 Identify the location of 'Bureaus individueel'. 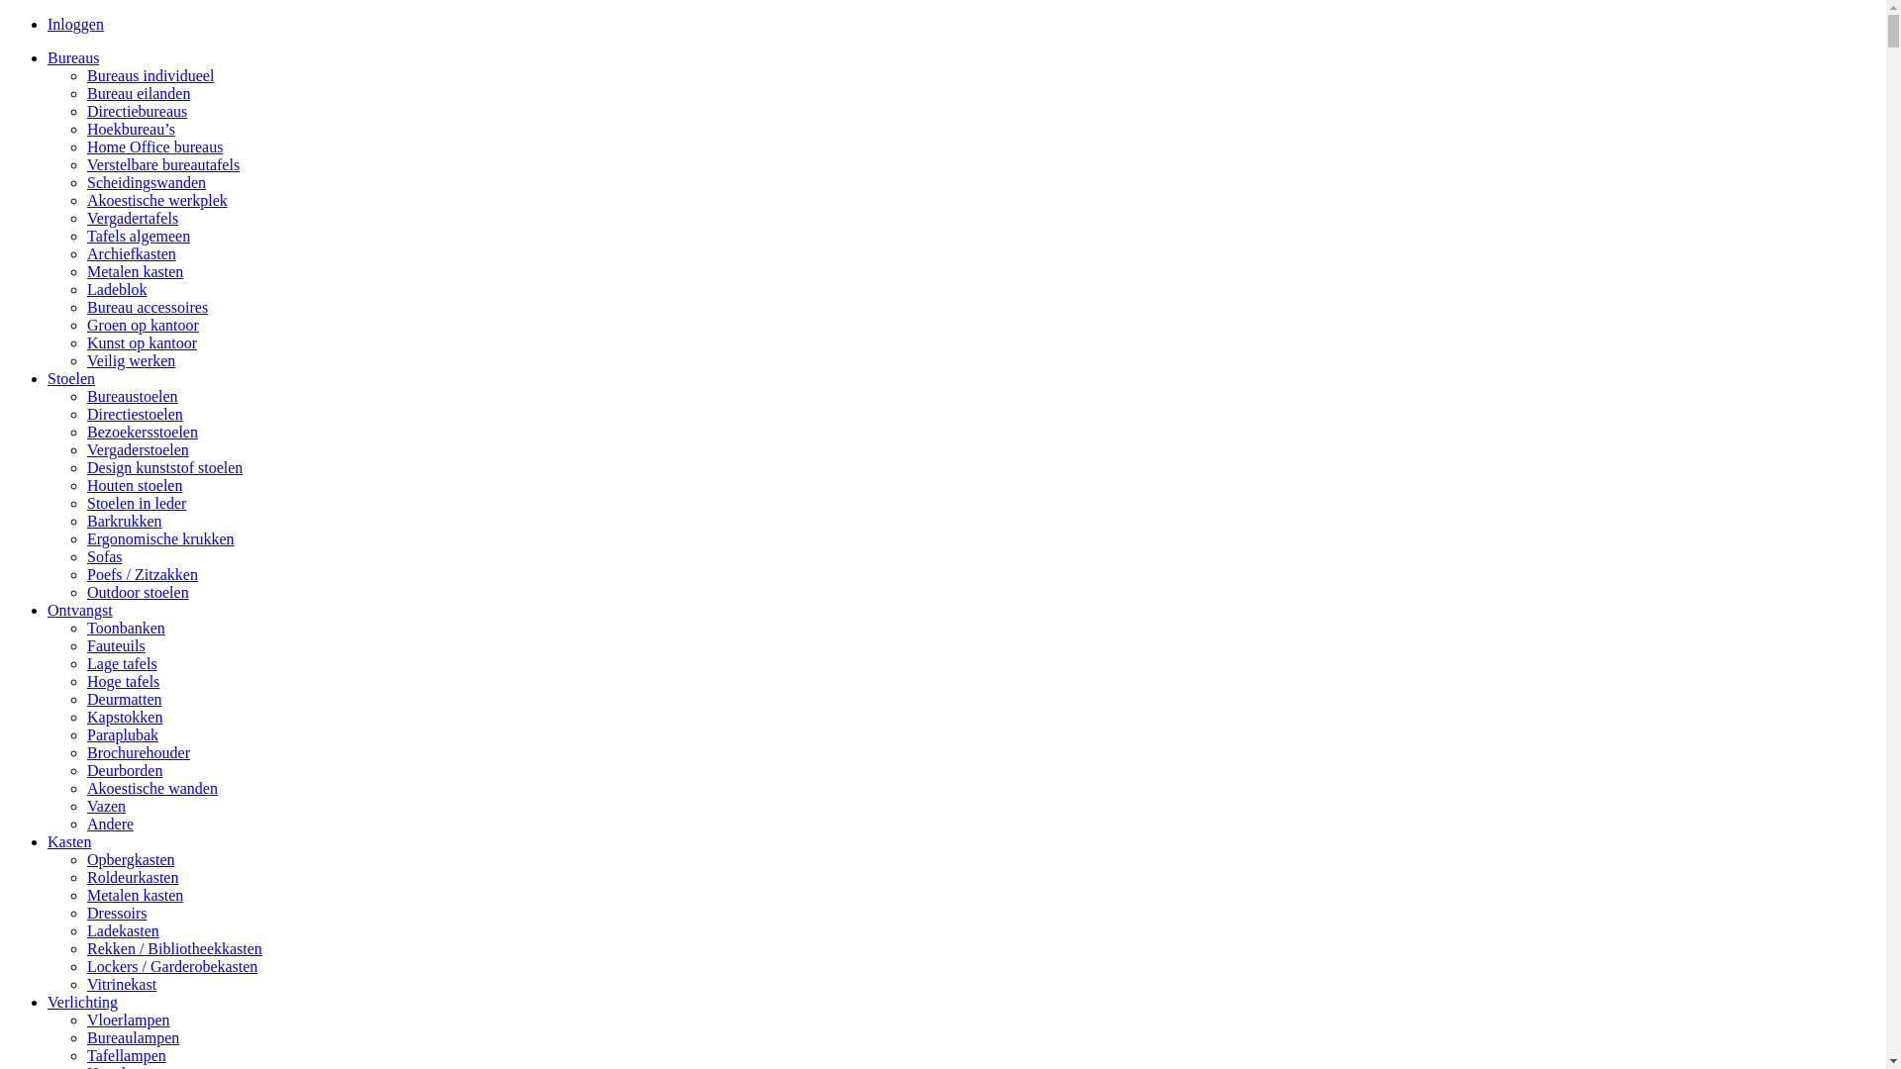
(150, 74).